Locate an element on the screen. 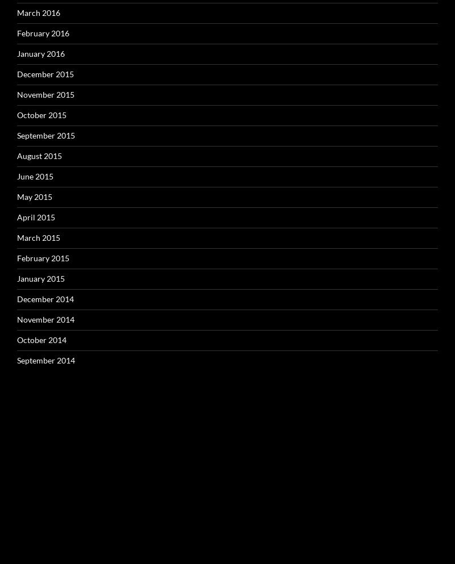  'January 2015' is located at coordinates (41, 277).